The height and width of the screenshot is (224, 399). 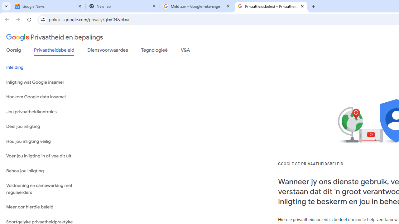 What do you see at coordinates (47, 97) in the screenshot?
I see `'Hoekom Google data insamel'` at bounding box center [47, 97].